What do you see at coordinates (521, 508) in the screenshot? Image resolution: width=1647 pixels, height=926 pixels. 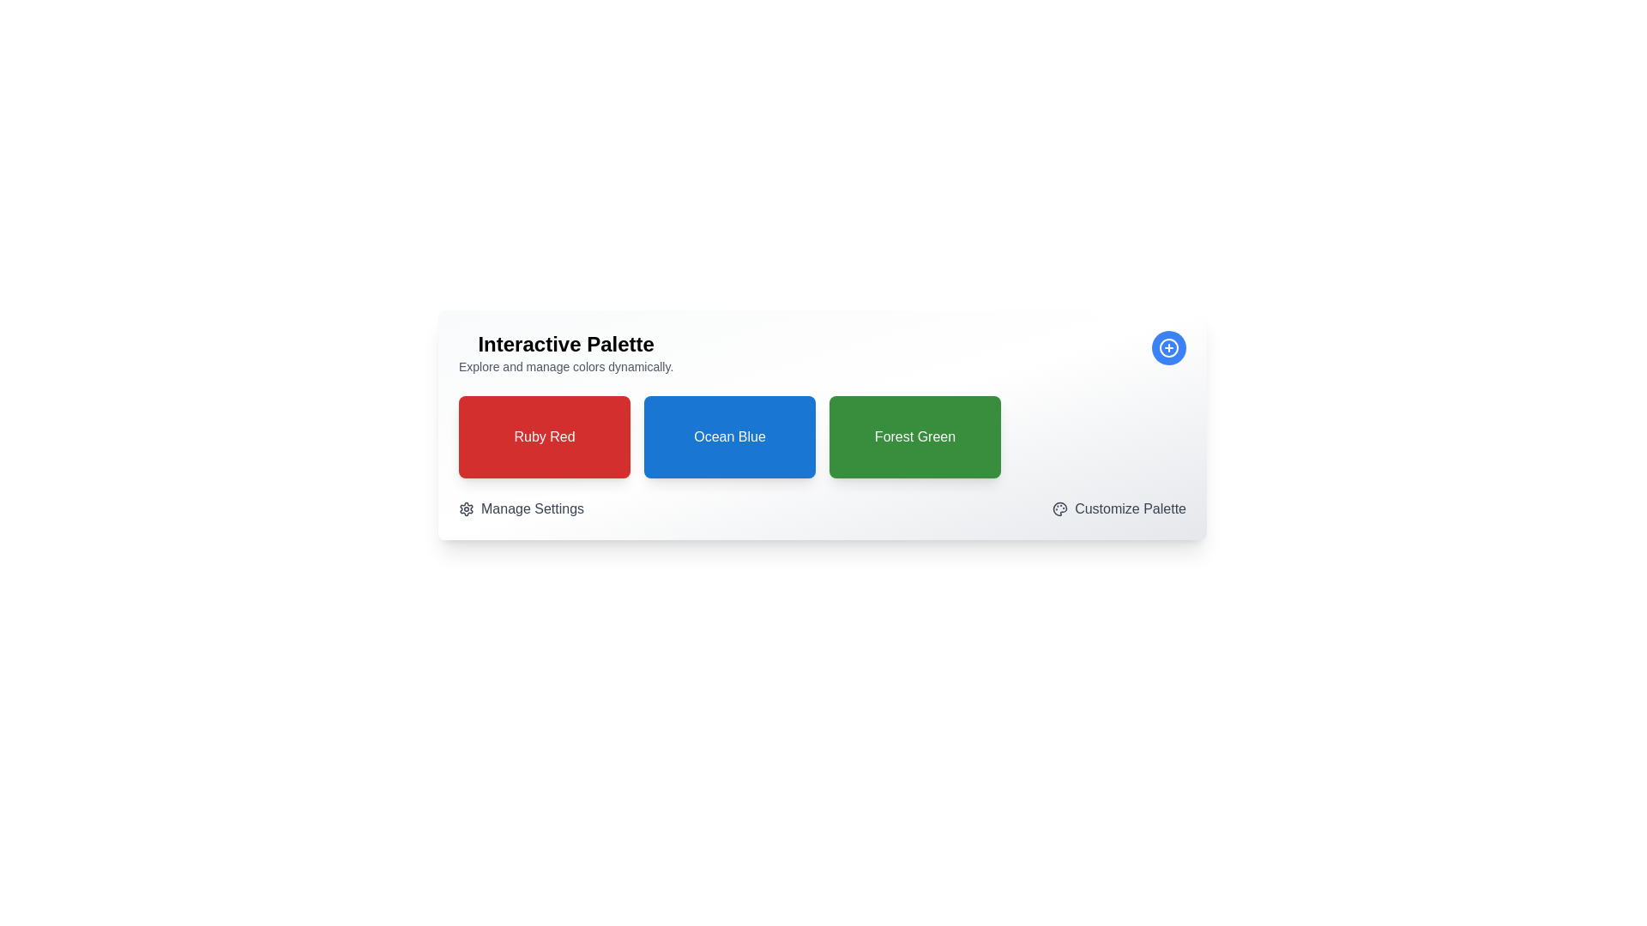 I see `the 'Manage Settings' button, which features a cogwheel icon and is styled with gray text that turns black on hover` at bounding box center [521, 508].